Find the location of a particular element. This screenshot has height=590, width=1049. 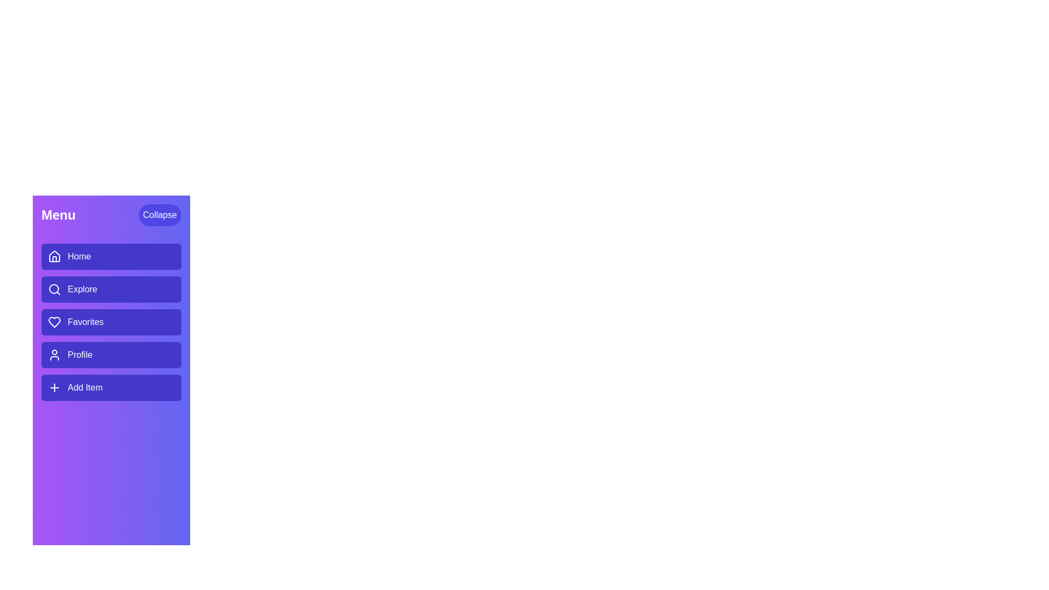

the menu item labeled Favorites is located at coordinates (111, 322).